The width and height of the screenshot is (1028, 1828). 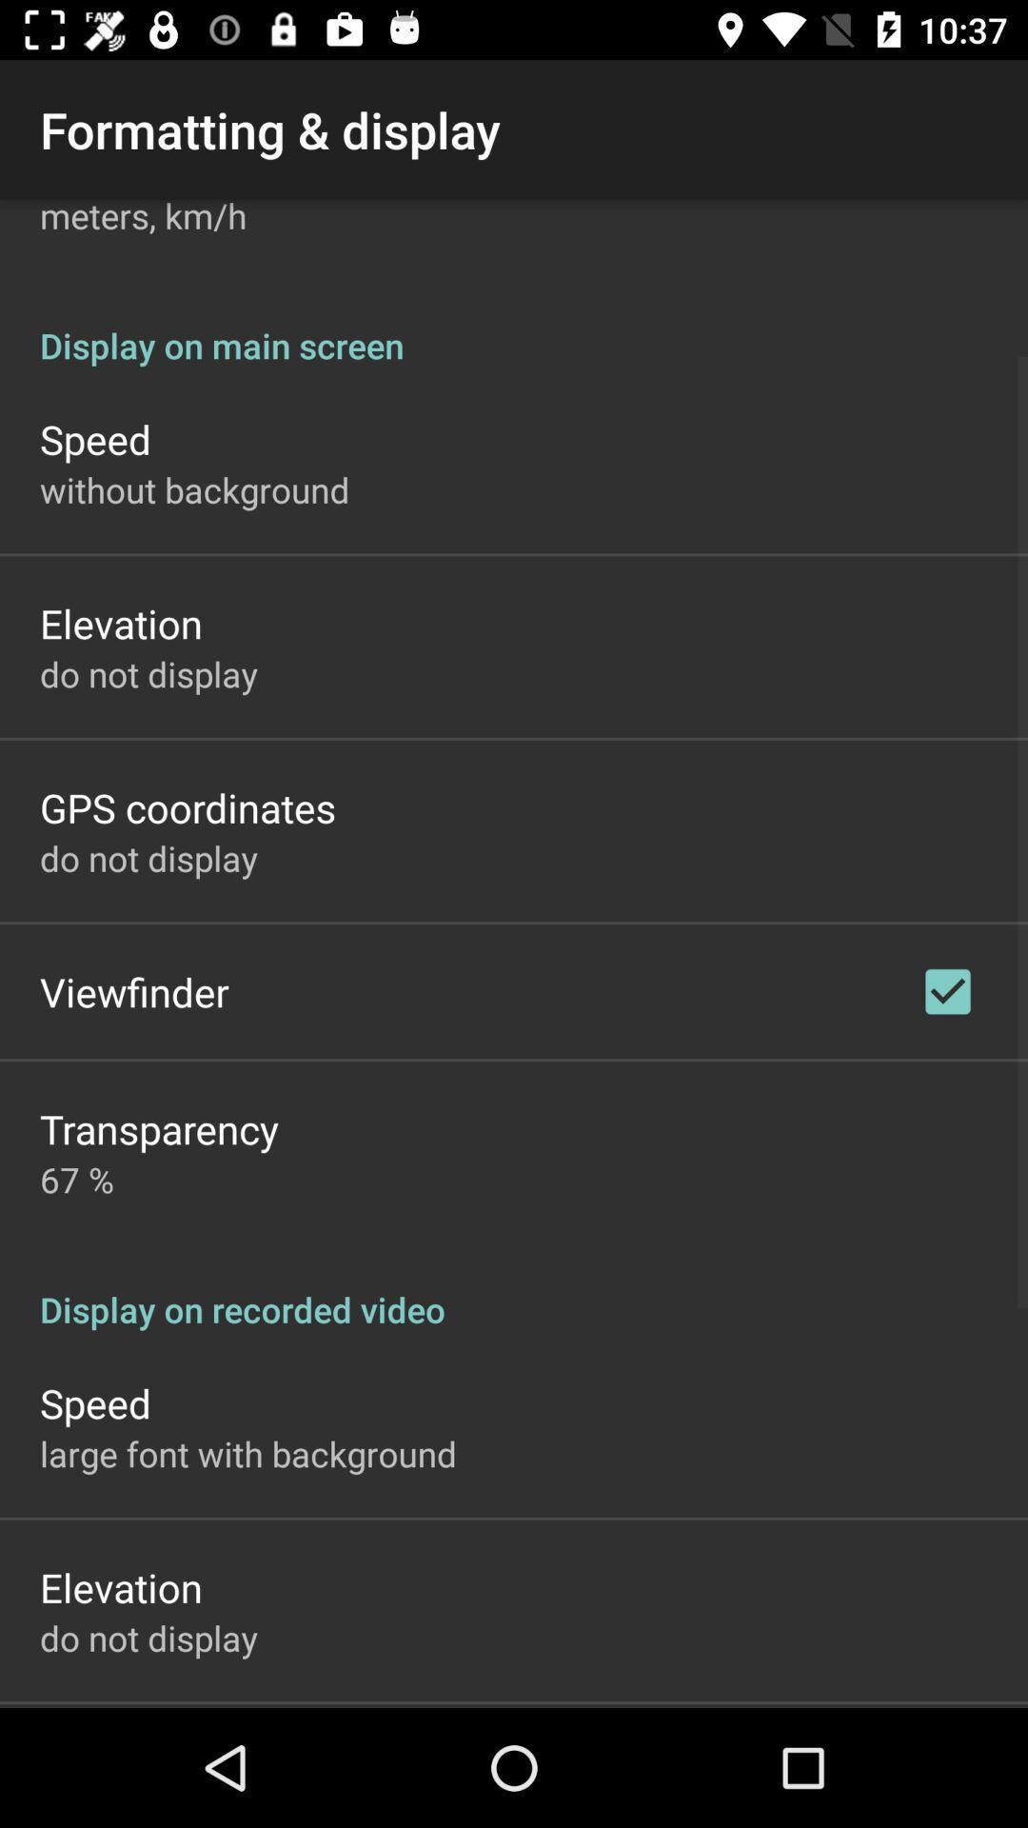 What do you see at coordinates (76, 1178) in the screenshot?
I see `app below the transparency icon` at bounding box center [76, 1178].